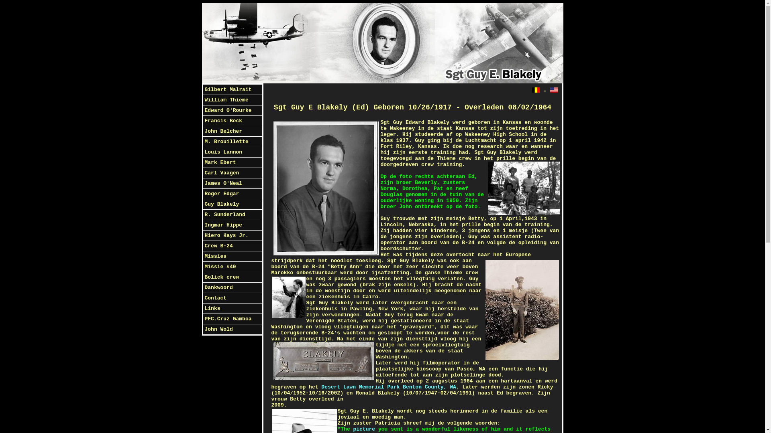 The width and height of the screenshot is (771, 433). Describe the element at coordinates (231, 121) in the screenshot. I see `'Francis Beck'` at that location.